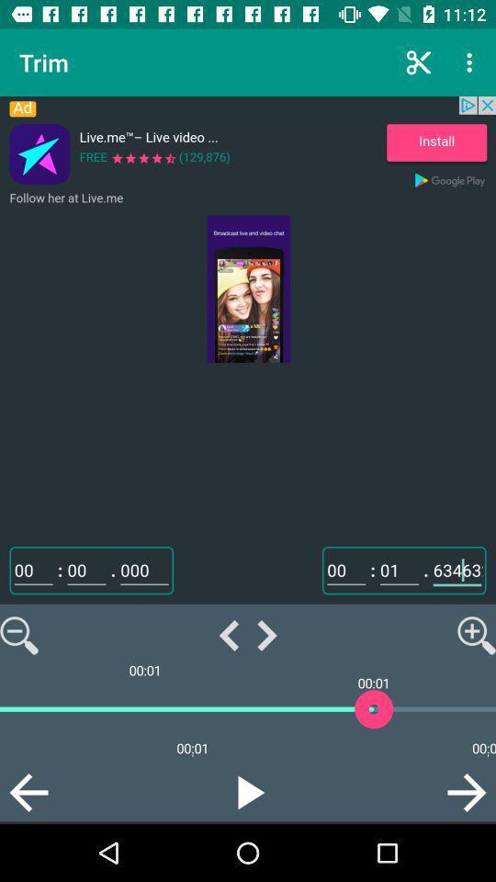 This screenshot has height=882, width=496. I want to click on the icon shown left to three vertical dot icon at the top right corner of the page, so click(419, 62).